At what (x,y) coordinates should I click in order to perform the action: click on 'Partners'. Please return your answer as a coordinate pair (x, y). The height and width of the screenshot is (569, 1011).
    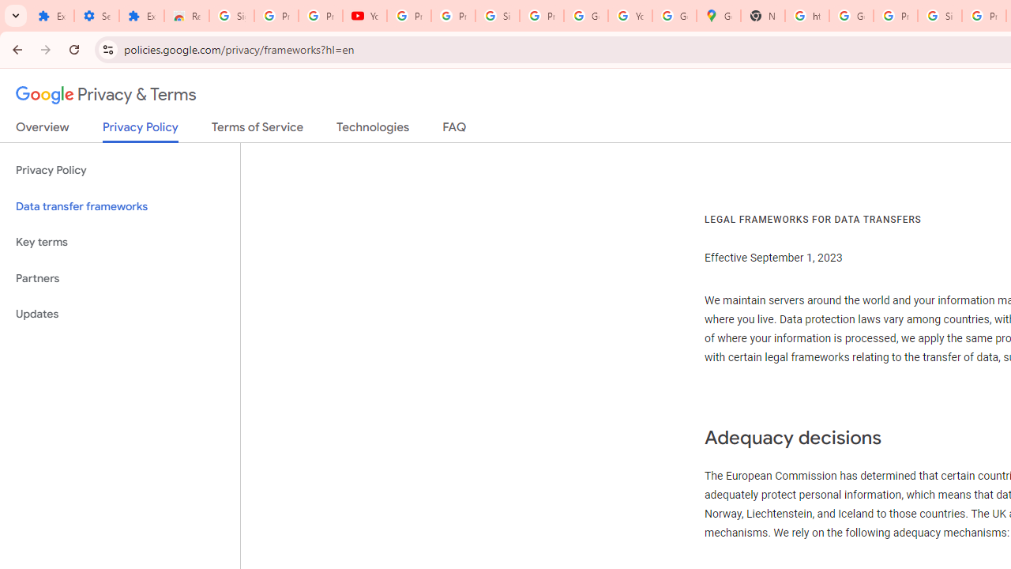
    Looking at the image, I should click on (119, 277).